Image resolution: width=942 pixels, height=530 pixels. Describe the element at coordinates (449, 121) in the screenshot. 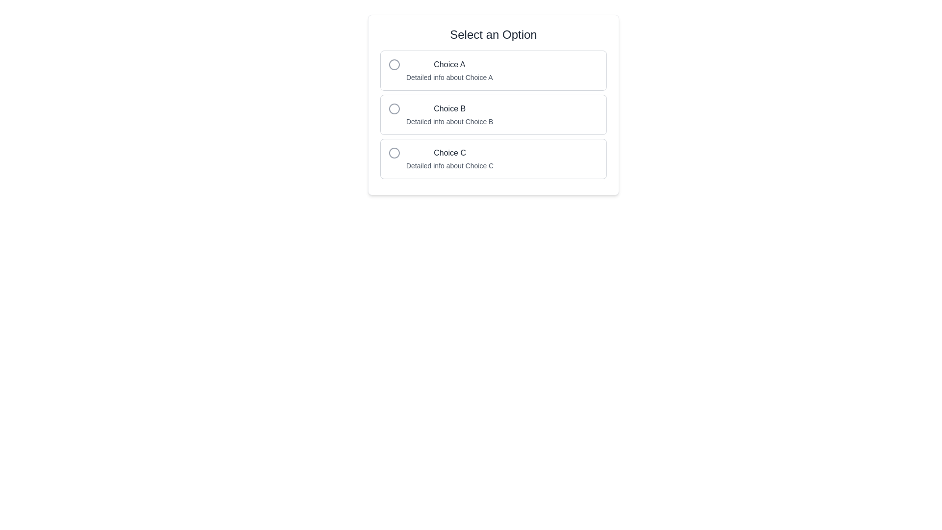

I see `the text label displaying 'Detailed info about Choice B', which is styled in a smaller font size and a lighter gray color, located directly beneath the text 'Choice B' in the second selectable option` at that location.